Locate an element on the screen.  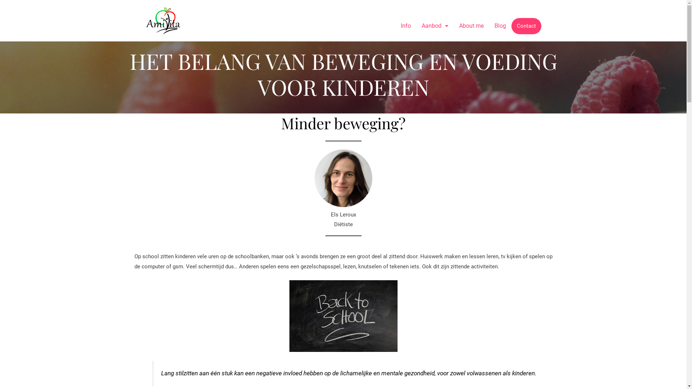
'Contact' is located at coordinates (511, 26).